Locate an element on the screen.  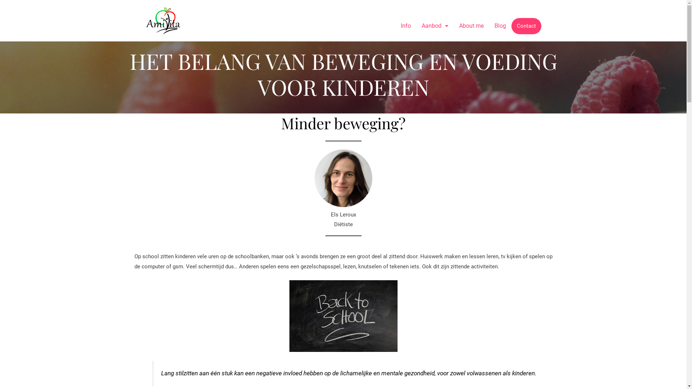
'Contact' is located at coordinates (511, 26).